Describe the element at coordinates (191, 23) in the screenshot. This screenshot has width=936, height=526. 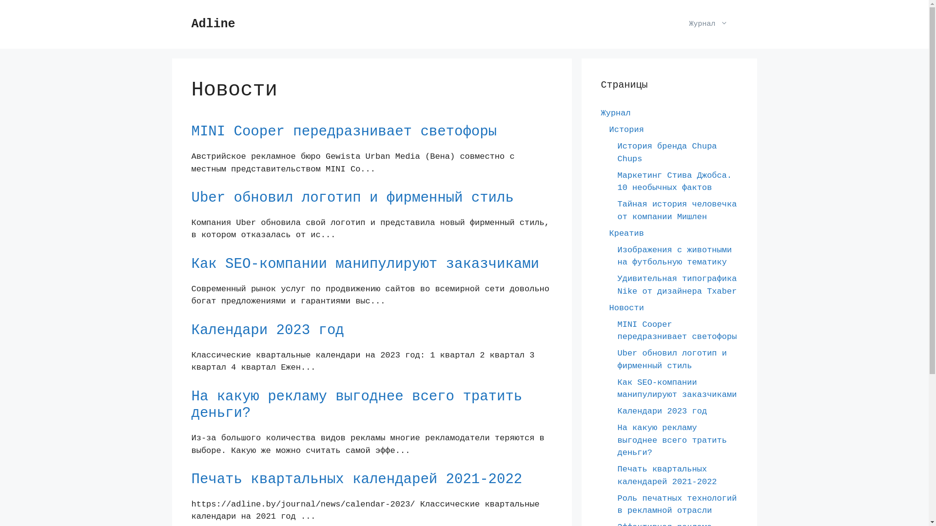
I see `'Adline'` at that location.